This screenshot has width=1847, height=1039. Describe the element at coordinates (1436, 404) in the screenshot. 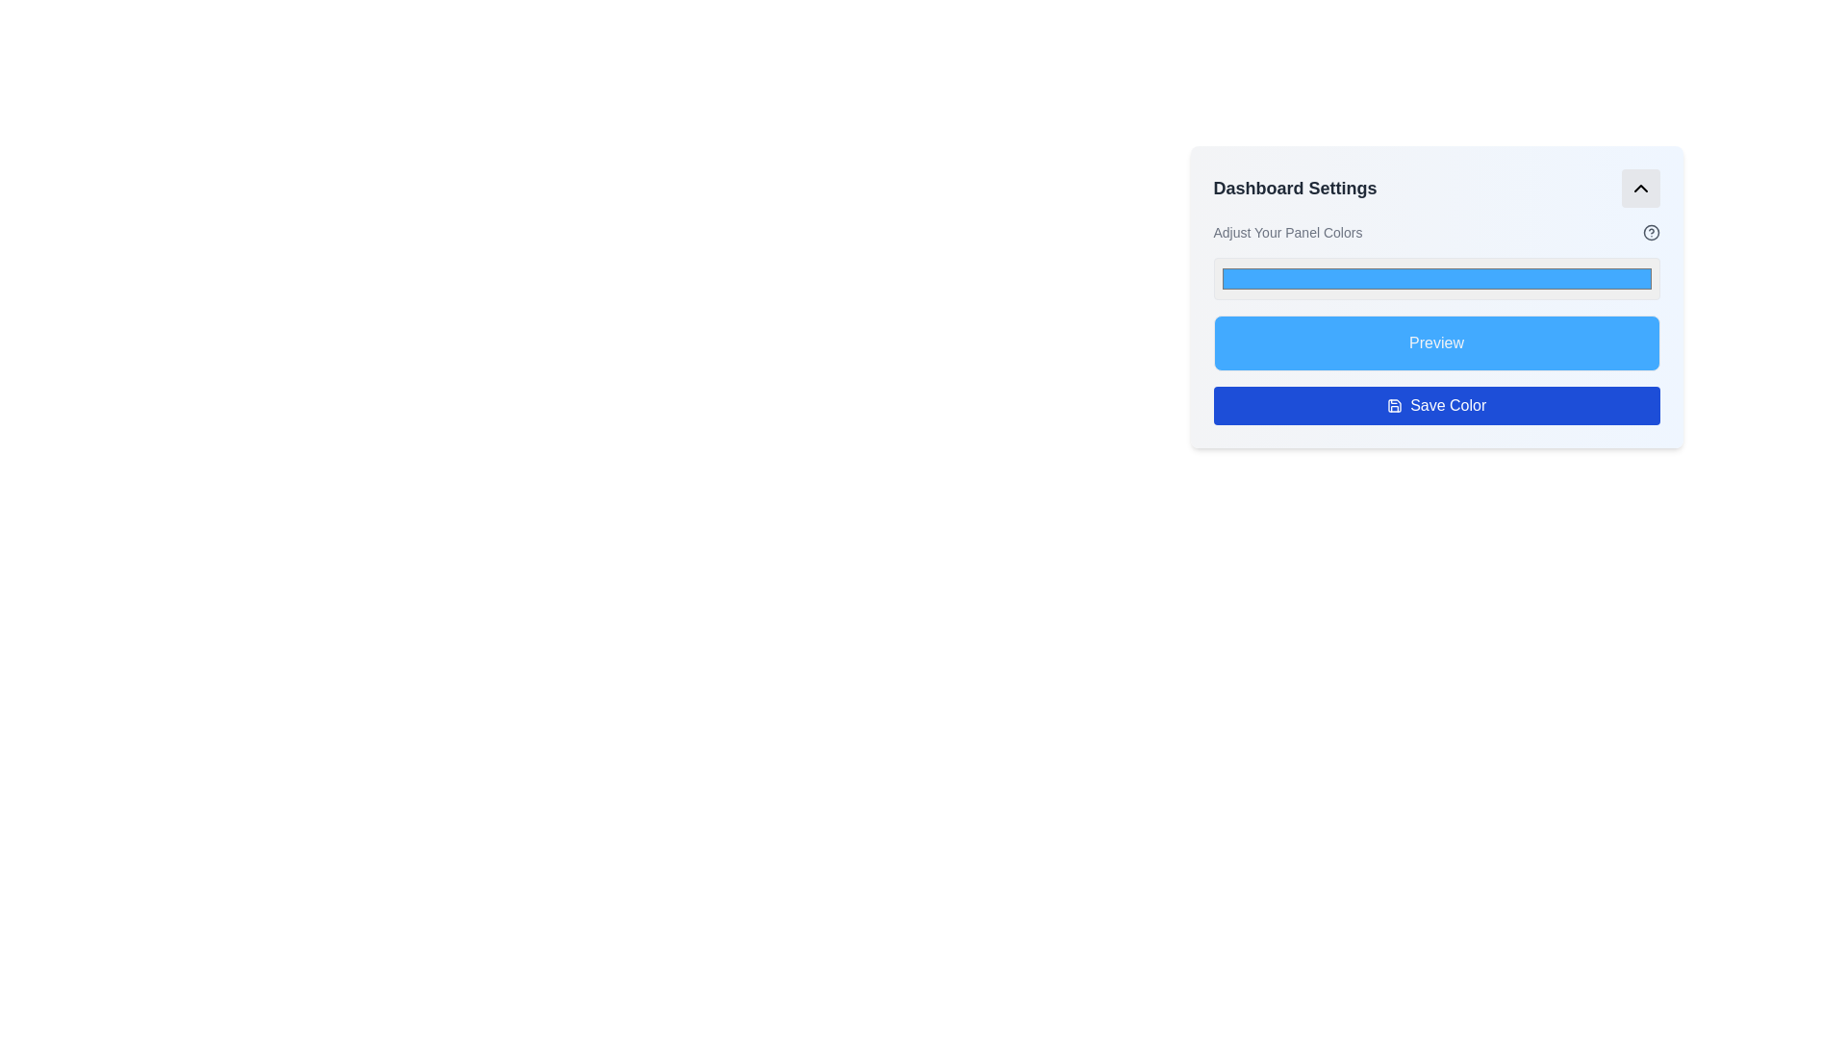

I see `the save button located at the bottom of the 'Dashboard Settings' panel to provide visual feedback indicating interactivity` at that location.